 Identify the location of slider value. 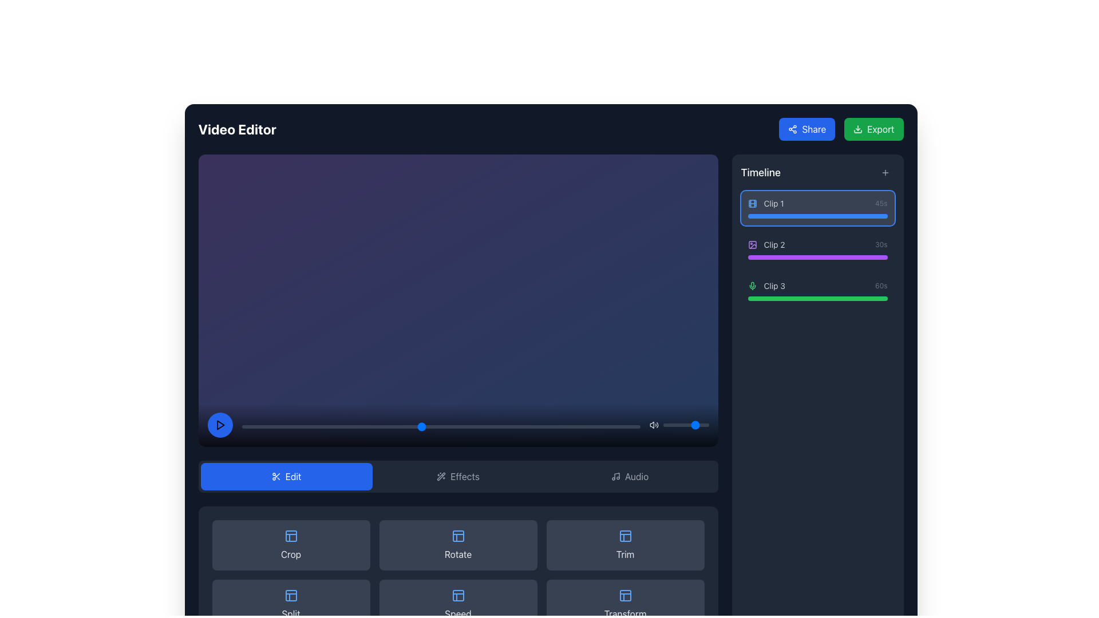
(245, 426).